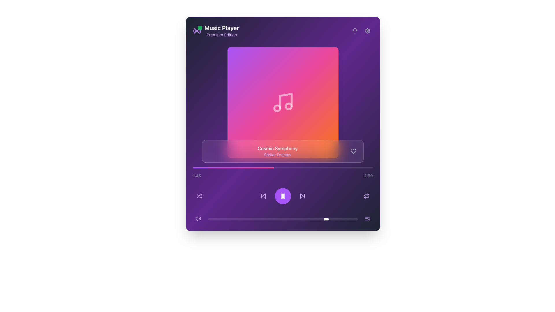  What do you see at coordinates (283, 168) in the screenshot?
I see `the progress bar, which is a horizontal bar with a gradient background transitioning from purple to pink, located centrally on the interface below the album information and above the playback controls` at bounding box center [283, 168].